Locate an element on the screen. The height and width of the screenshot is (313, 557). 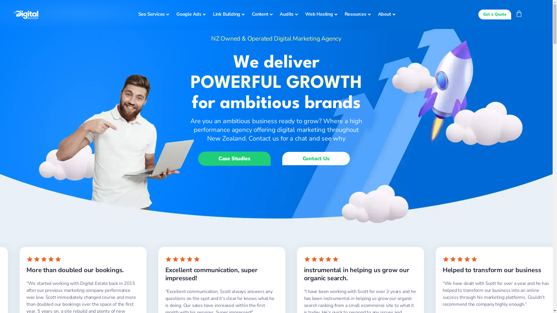
'Seo Services' is located at coordinates (154, 14).